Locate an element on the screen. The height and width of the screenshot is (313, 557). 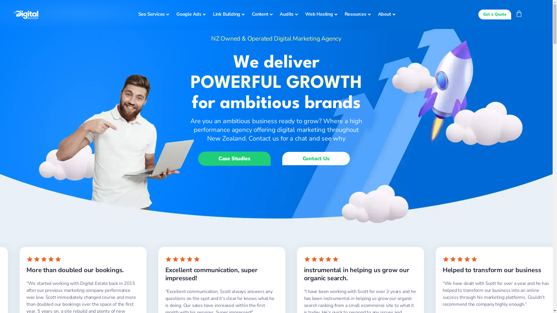
'Seo Services' is located at coordinates (154, 14).